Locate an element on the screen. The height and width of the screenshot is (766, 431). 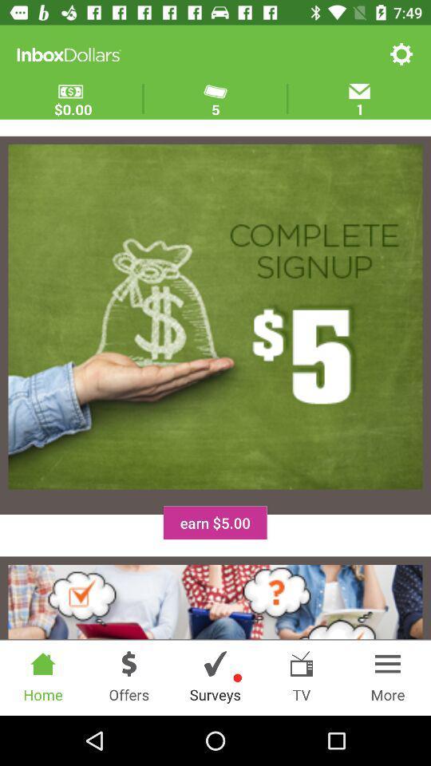
the earn $5.00 is located at coordinates (215, 522).